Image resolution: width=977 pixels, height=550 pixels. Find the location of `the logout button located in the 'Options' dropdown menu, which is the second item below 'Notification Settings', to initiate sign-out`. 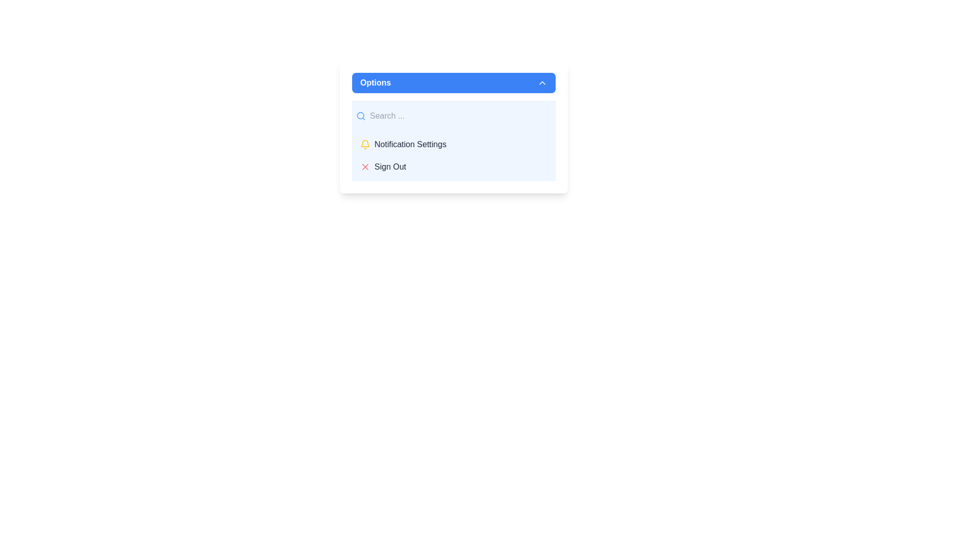

the logout button located in the 'Options' dropdown menu, which is the second item below 'Notification Settings', to initiate sign-out is located at coordinates (453, 166).